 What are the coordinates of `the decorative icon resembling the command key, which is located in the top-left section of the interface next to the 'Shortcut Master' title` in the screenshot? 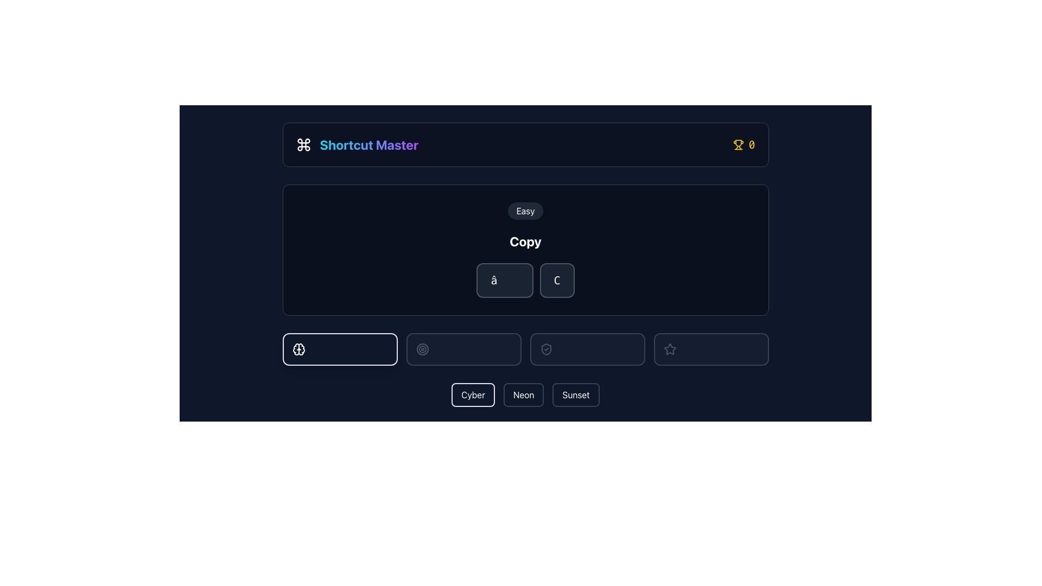 It's located at (303, 144).